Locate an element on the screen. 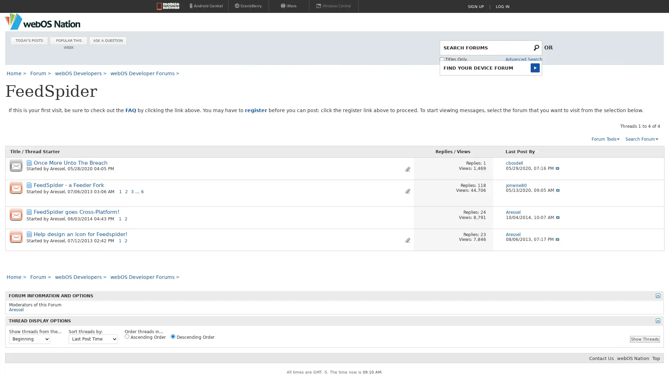 Image resolution: width=669 pixels, height=376 pixels. Submit is located at coordinates (537, 47).